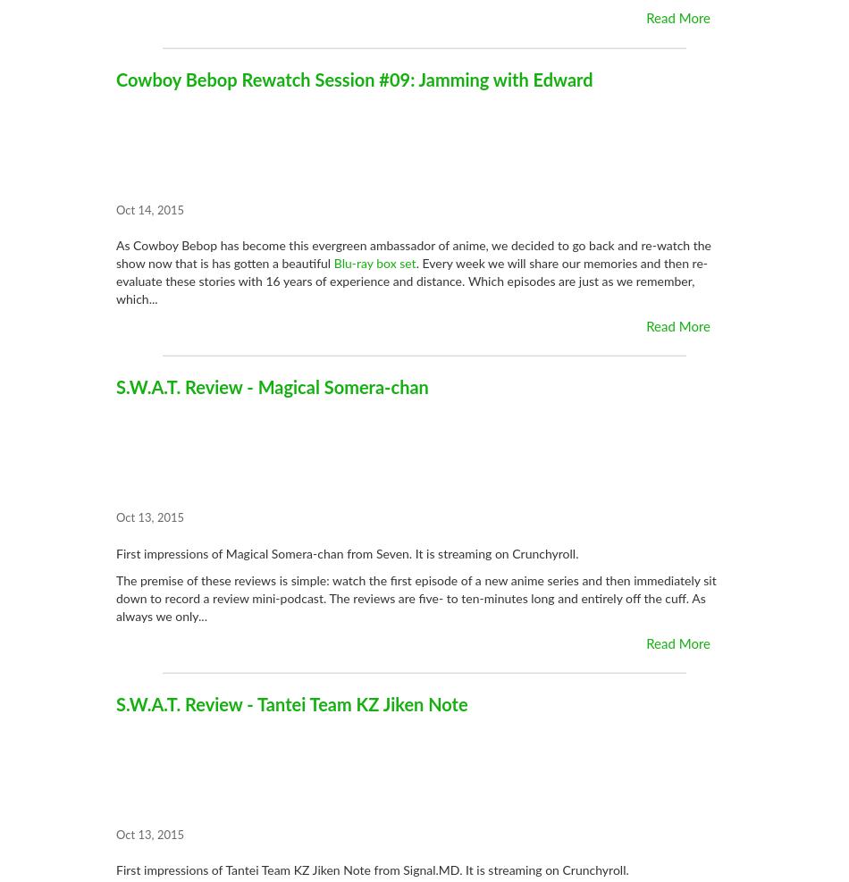  Describe the element at coordinates (411, 281) in the screenshot. I see `'. Every week we will share our
memories and then re-evaluate these stories with 16 years of
experience and distance. Which episodes are just as we remember,
which...'` at that location.